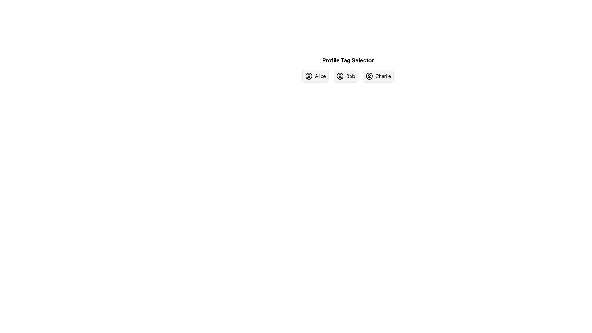  Describe the element at coordinates (369, 76) in the screenshot. I see `the user profile icon within the button associated with the 'Charlie' profile` at that location.